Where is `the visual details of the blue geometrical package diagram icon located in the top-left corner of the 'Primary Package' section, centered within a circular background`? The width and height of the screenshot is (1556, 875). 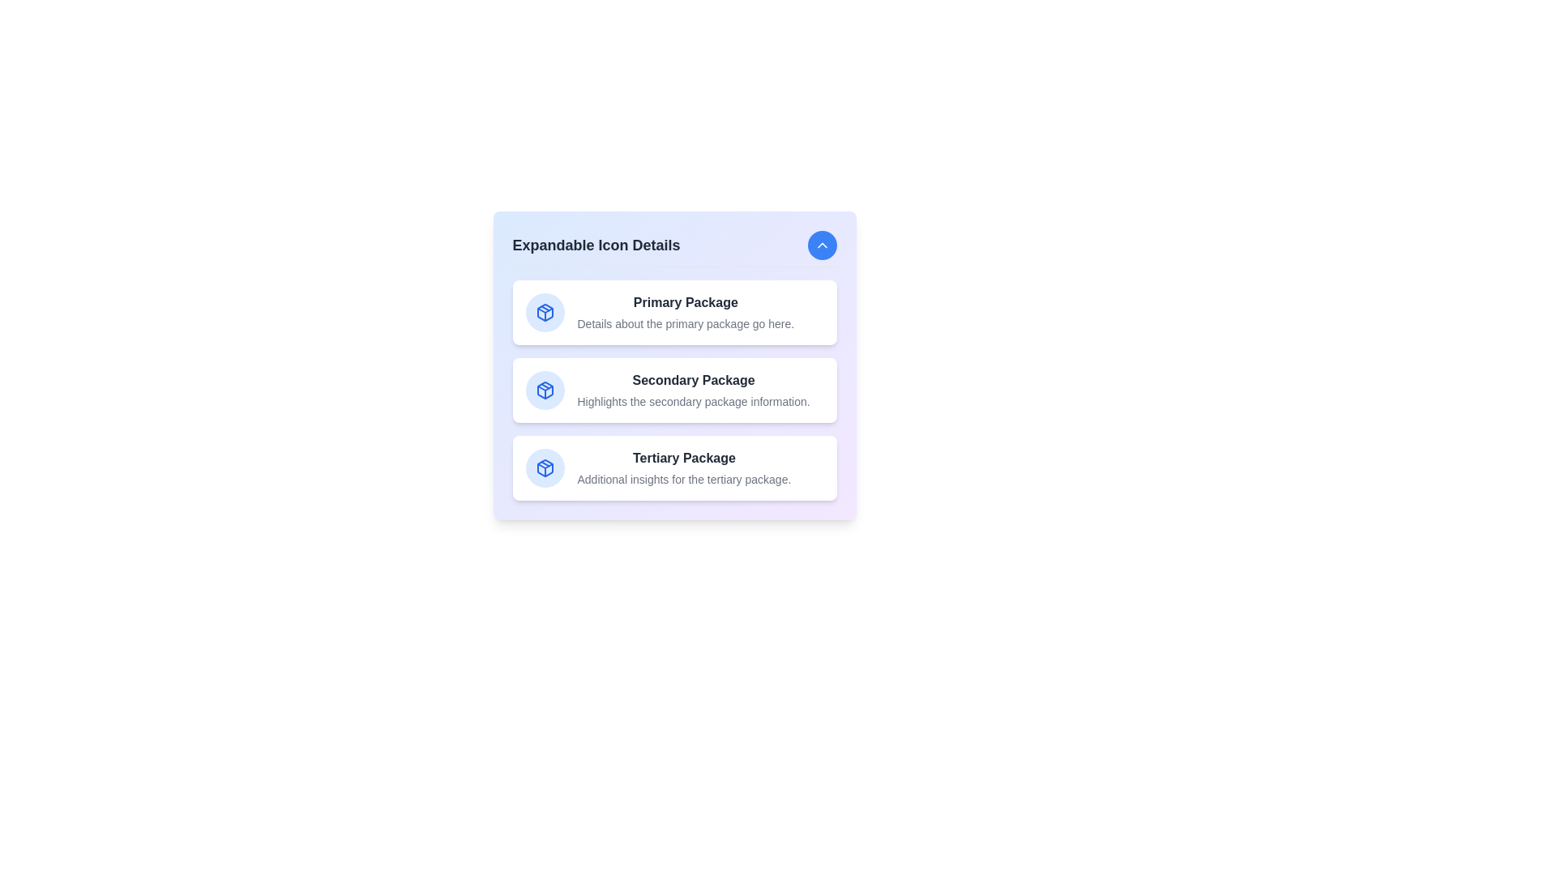
the visual details of the blue geometrical package diagram icon located in the top-left corner of the 'Primary Package' section, centered within a circular background is located at coordinates (545, 312).